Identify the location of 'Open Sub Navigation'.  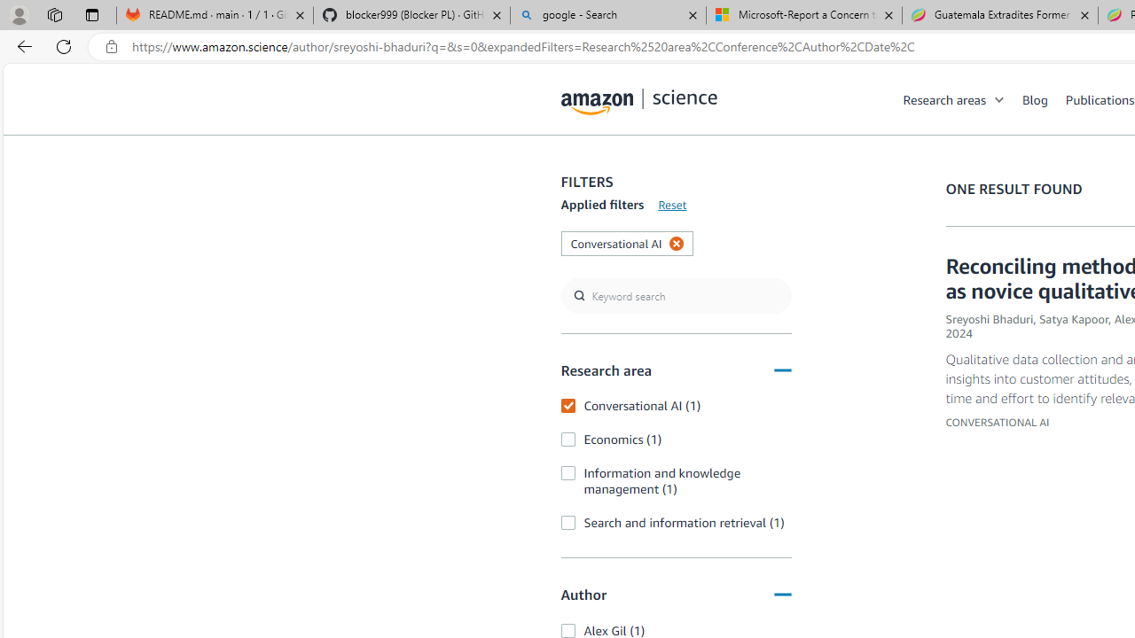
(1000, 98).